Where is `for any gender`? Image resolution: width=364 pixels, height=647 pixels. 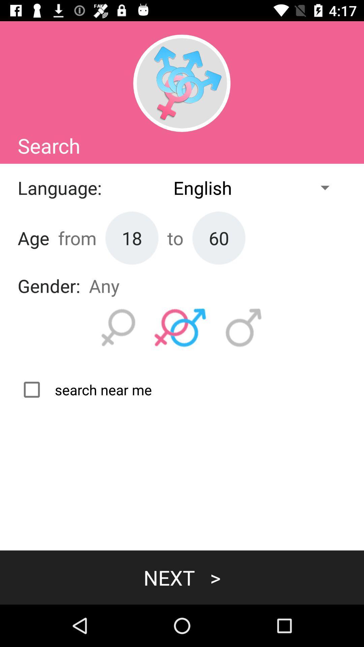
for any gender is located at coordinates (180, 328).